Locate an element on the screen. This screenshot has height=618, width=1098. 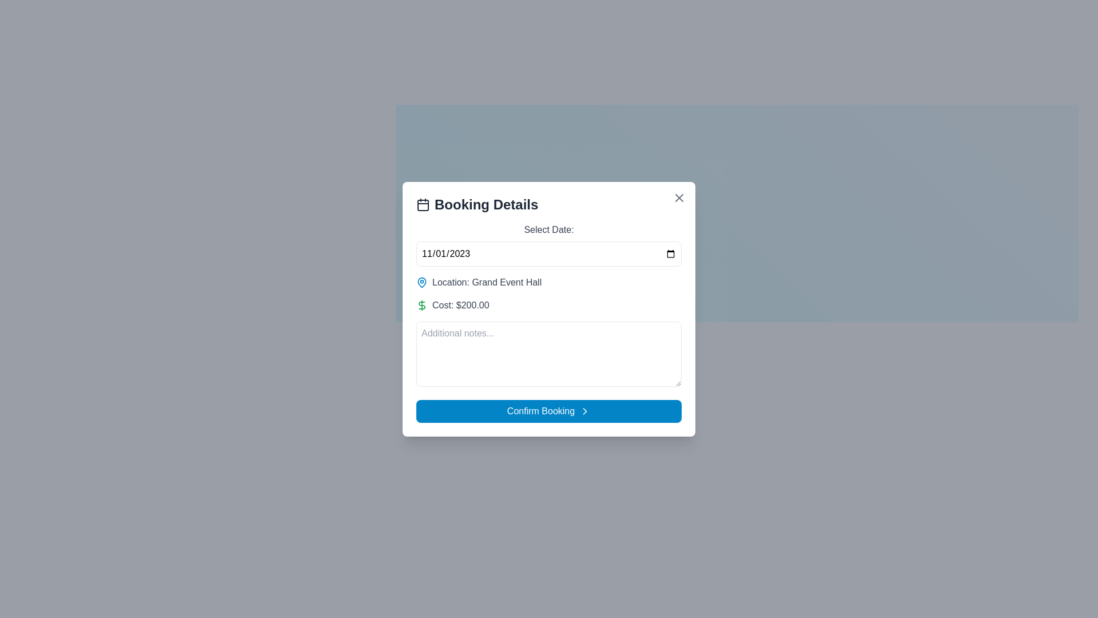
the decorative icon located in the 'Cost' row of the booking details section, which precedes the text 'Cost: $200.00' is located at coordinates (421, 304).